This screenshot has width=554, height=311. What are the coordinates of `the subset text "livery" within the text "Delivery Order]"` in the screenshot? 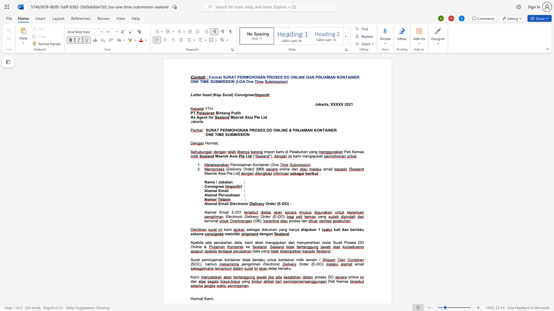 It's located at (232, 169).